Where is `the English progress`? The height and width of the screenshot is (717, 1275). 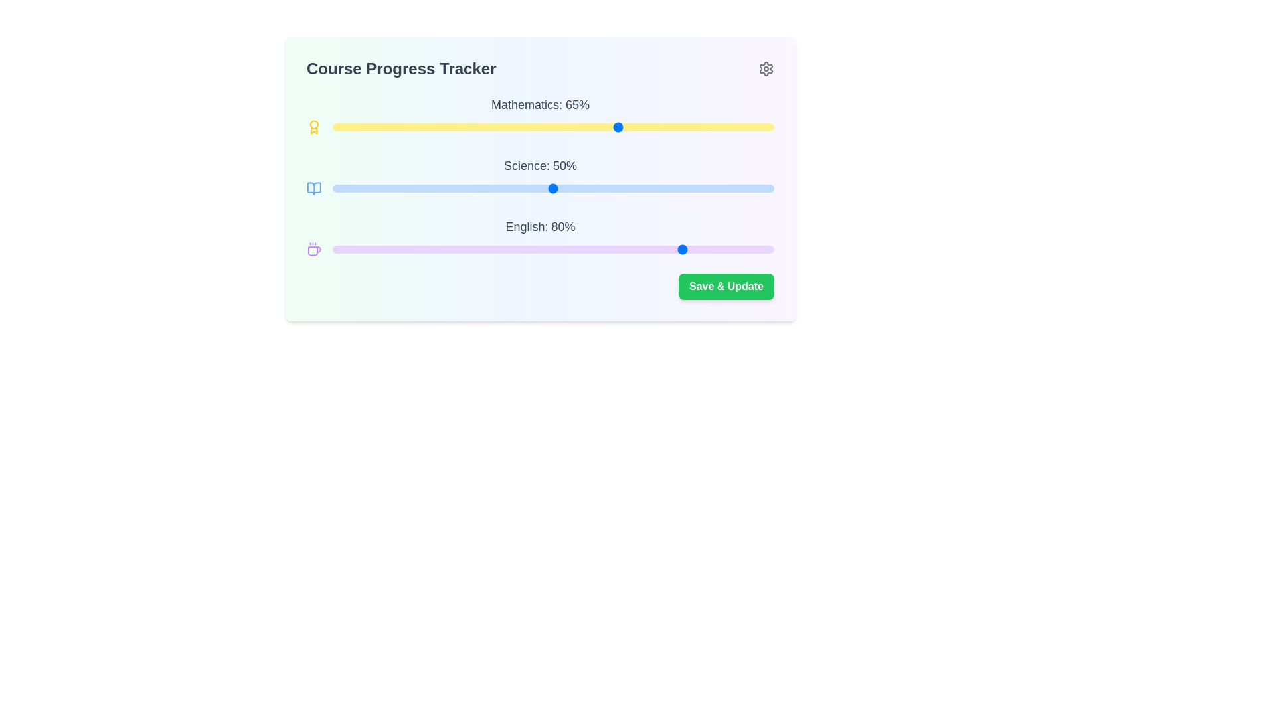 the English progress is located at coordinates (694, 249).